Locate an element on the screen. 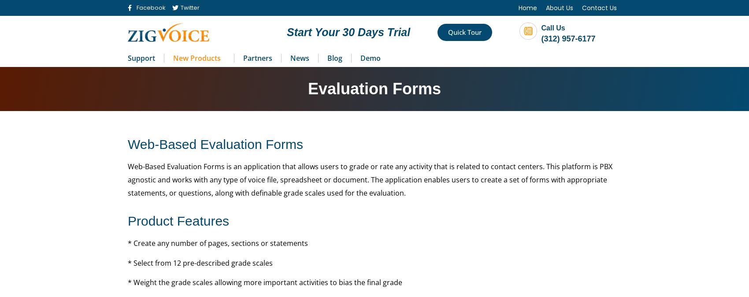  'Web-Based Evaluation Forms' is located at coordinates (215, 144).